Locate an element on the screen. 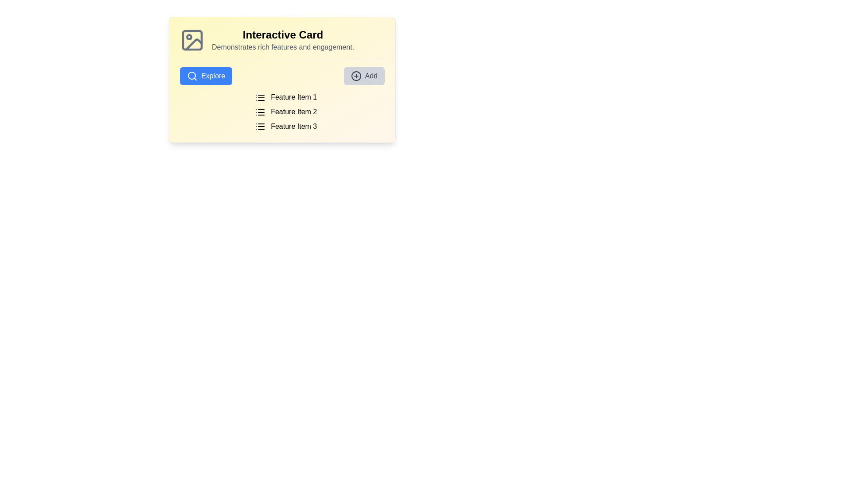 This screenshot has width=851, height=478. the circular magnifying glass icon located to the left of the 'Explore' text in the blue rectangular button at the header section of the card-like layout is located at coordinates (191, 76).